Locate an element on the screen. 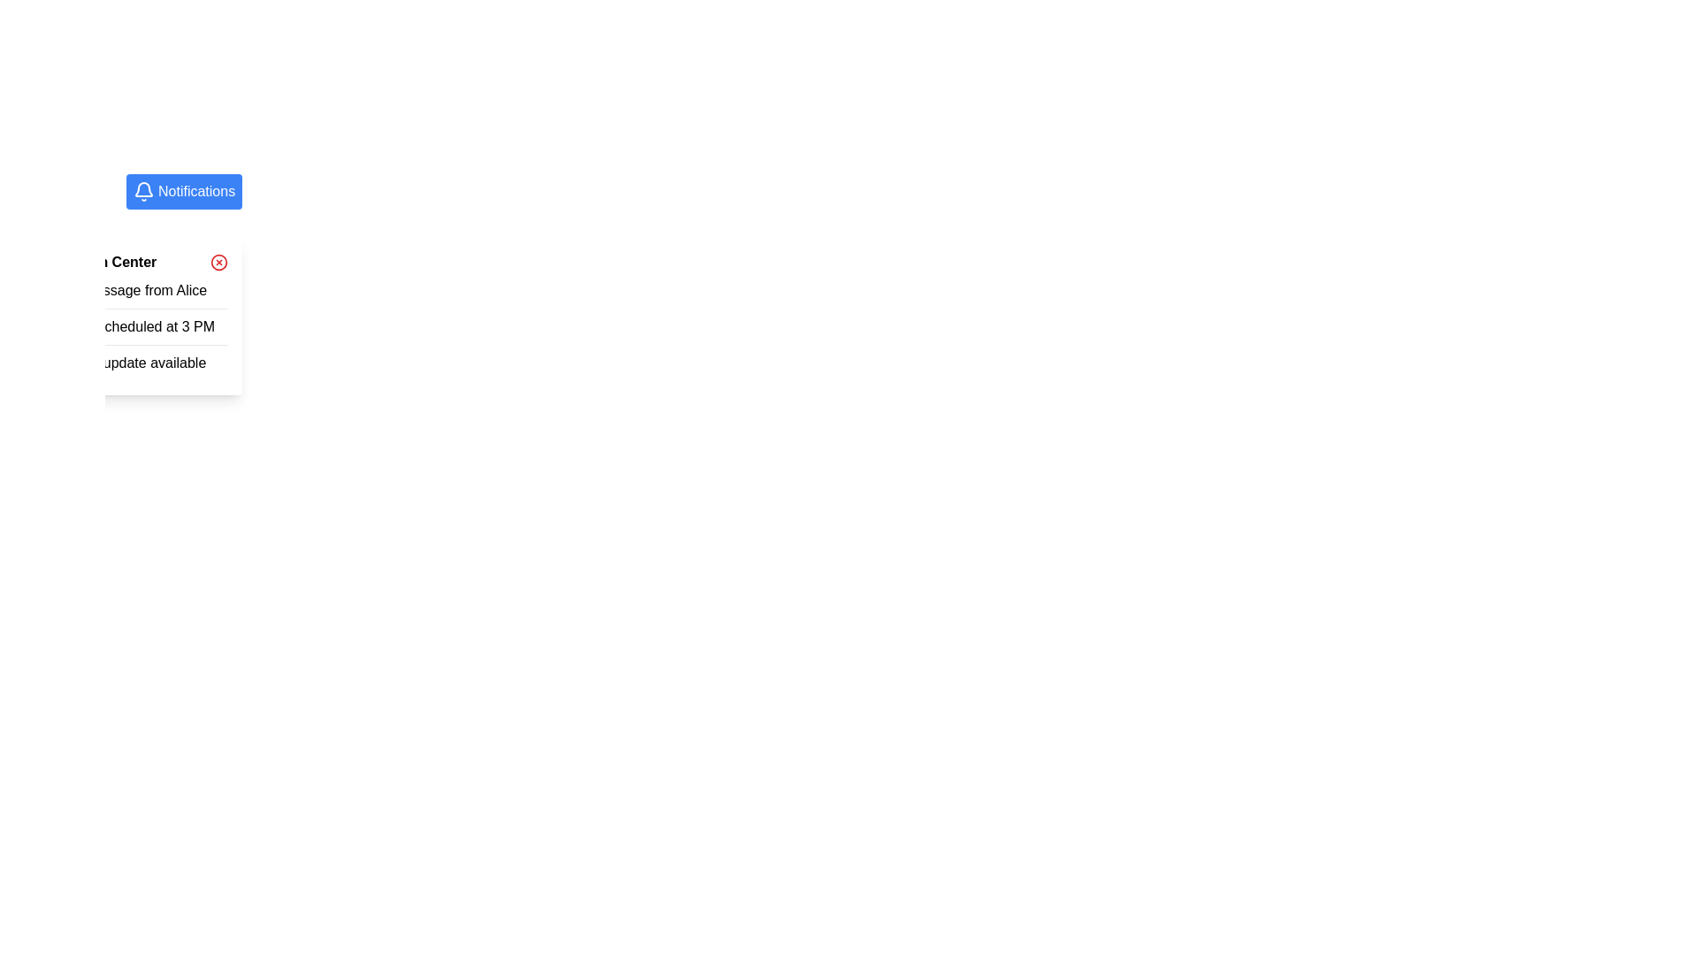  message content of the first notification which displays 'New message from Alice' in a dropdown panel under the 'Notifications' icon is located at coordinates (128, 289).